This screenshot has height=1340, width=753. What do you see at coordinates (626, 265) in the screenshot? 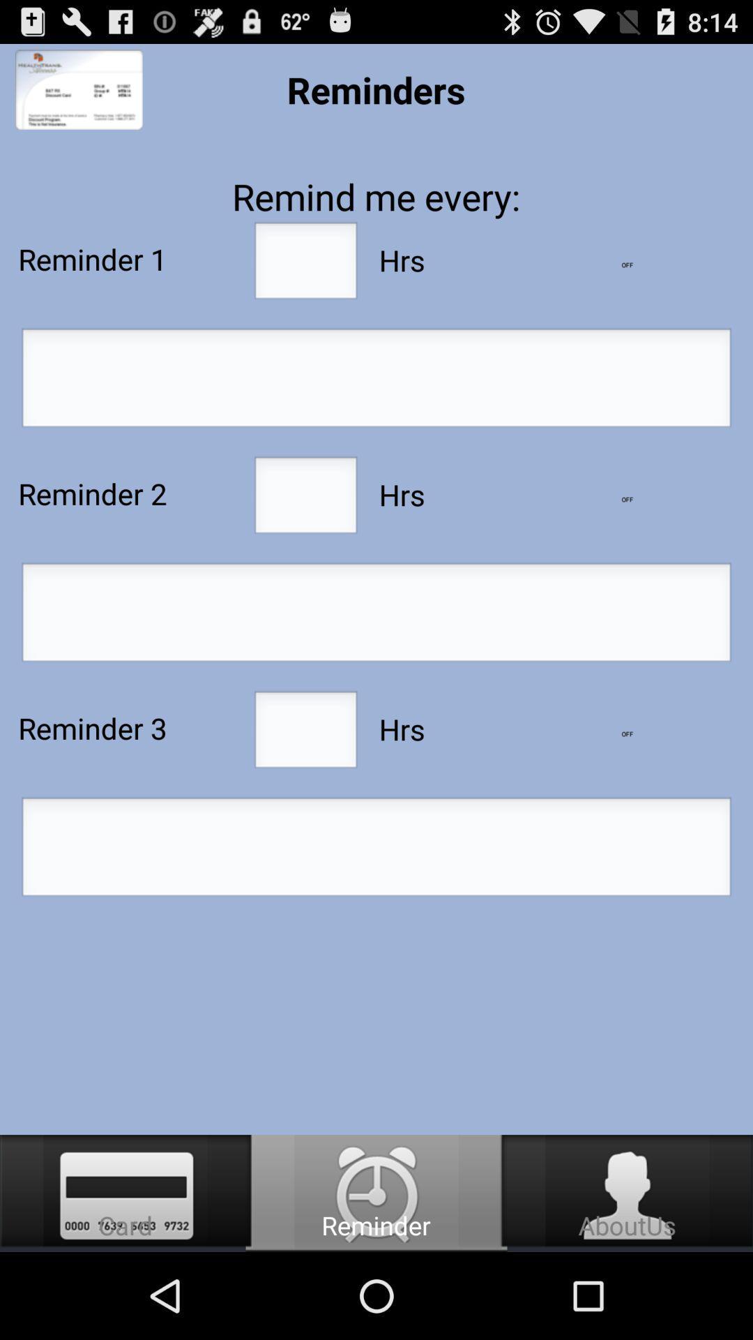
I see `subtract number` at bounding box center [626, 265].